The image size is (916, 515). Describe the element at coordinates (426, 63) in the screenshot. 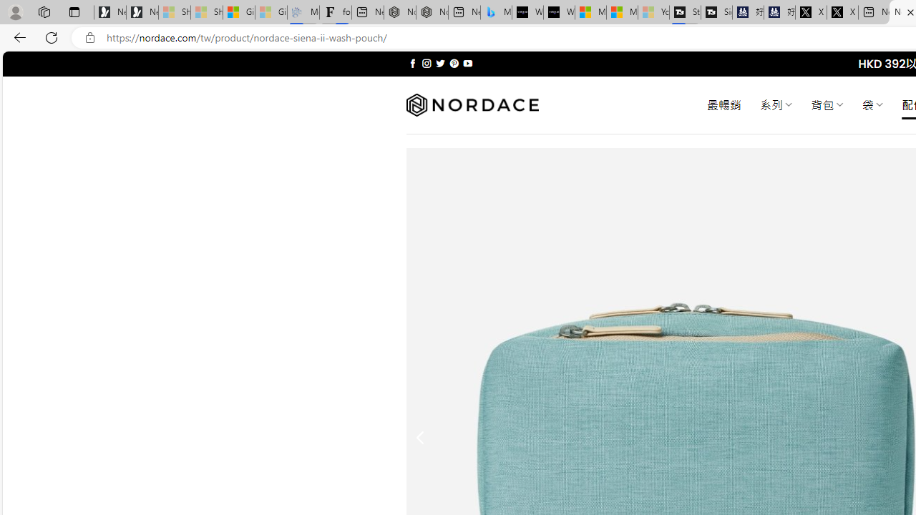

I see `'Follow on Instagram'` at that location.